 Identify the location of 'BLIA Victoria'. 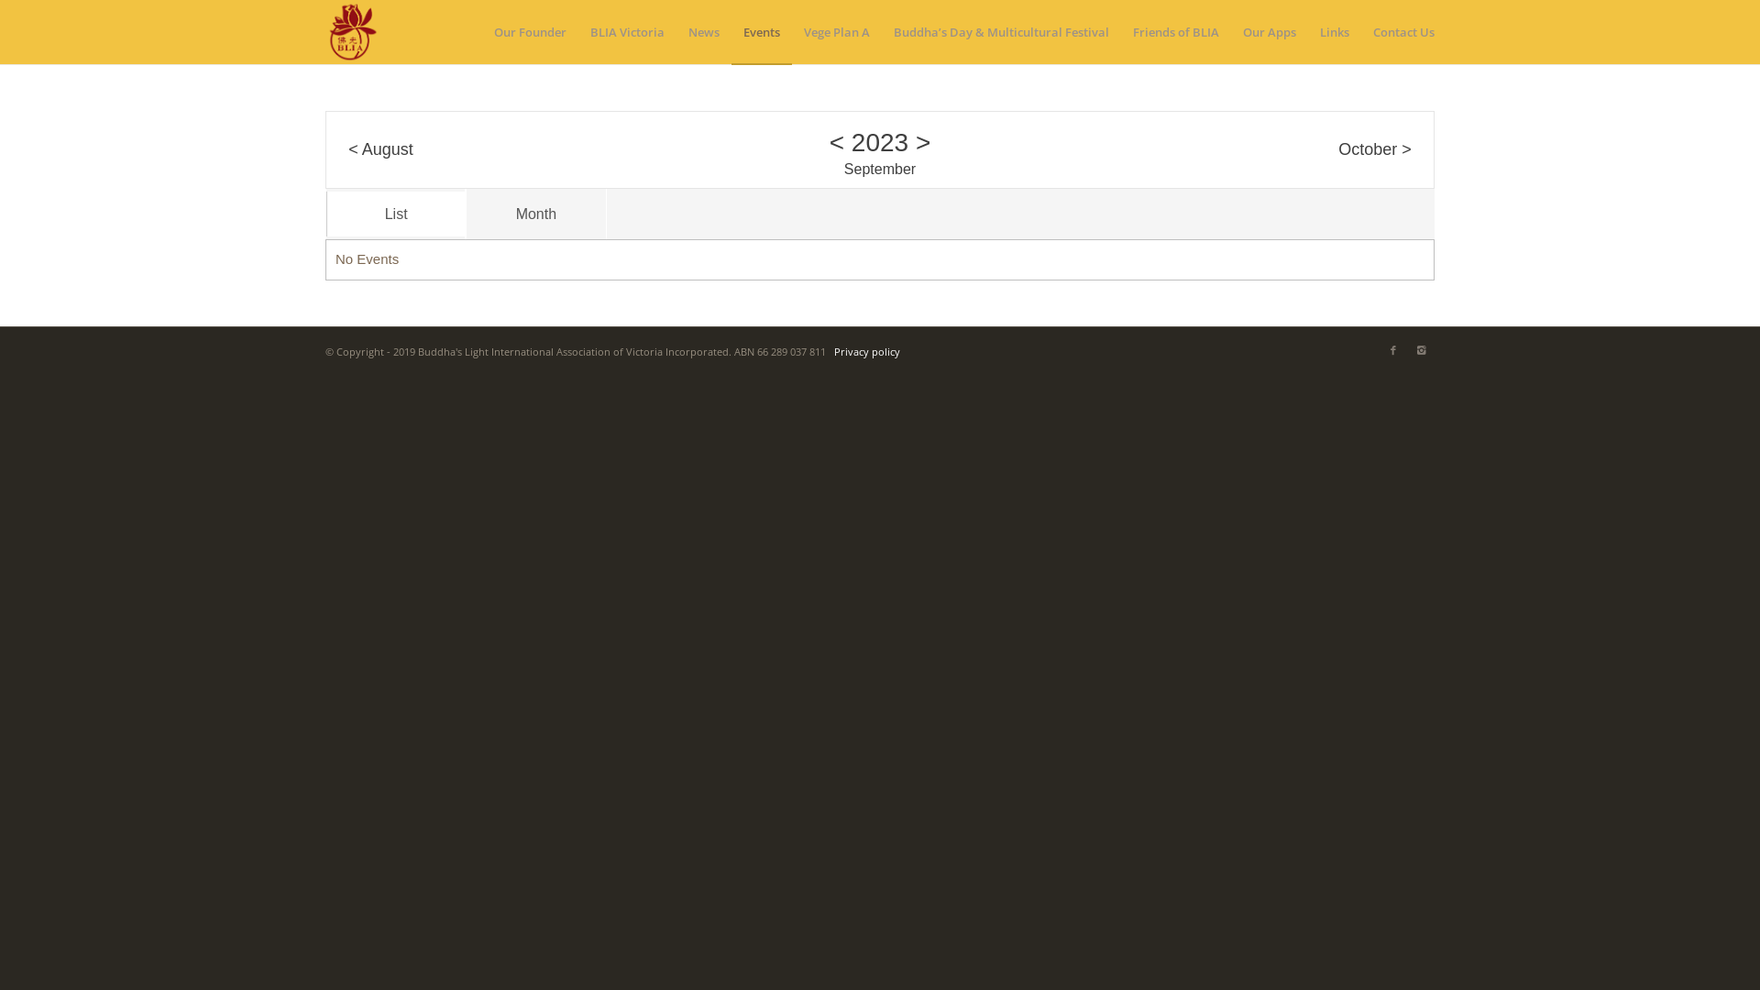
(627, 31).